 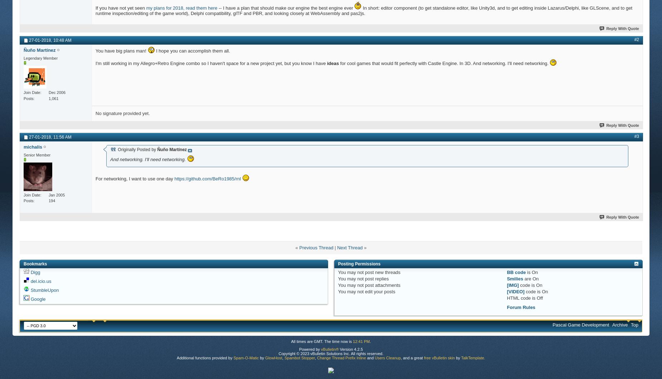 What do you see at coordinates (521, 307) in the screenshot?
I see `'Forum Rules'` at bounding box center [521, 307].